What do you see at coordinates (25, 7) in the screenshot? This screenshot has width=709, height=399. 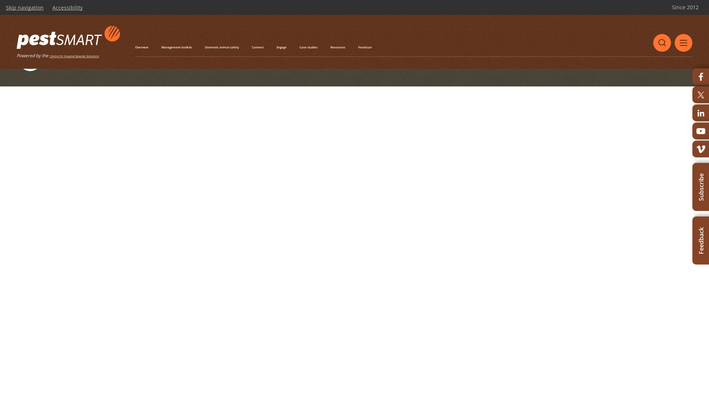 I see `'Skip navigation'` at bounding box center [25, 7].